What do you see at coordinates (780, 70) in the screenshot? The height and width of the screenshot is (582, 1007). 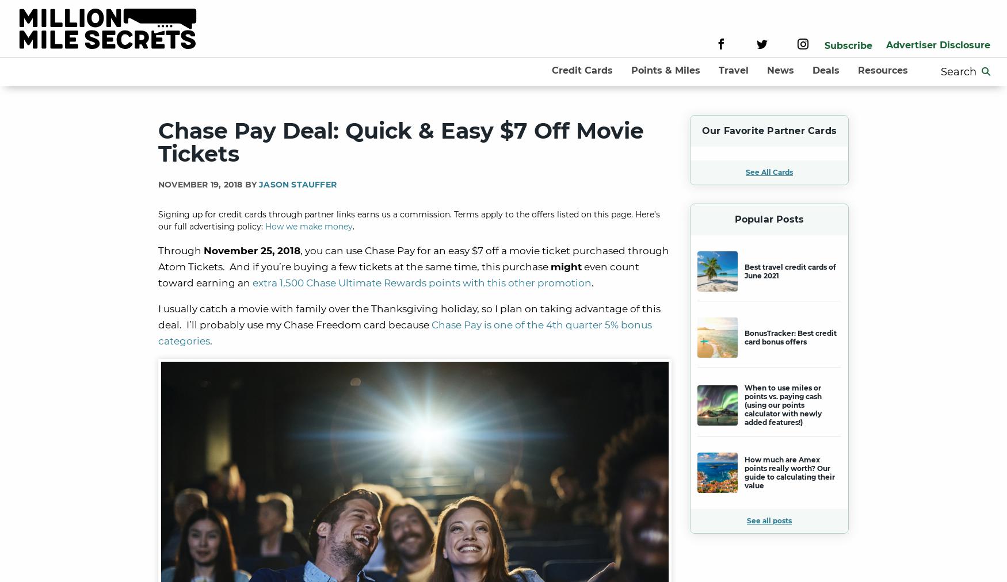 I see `'News'` at bounding box center [780, 70].